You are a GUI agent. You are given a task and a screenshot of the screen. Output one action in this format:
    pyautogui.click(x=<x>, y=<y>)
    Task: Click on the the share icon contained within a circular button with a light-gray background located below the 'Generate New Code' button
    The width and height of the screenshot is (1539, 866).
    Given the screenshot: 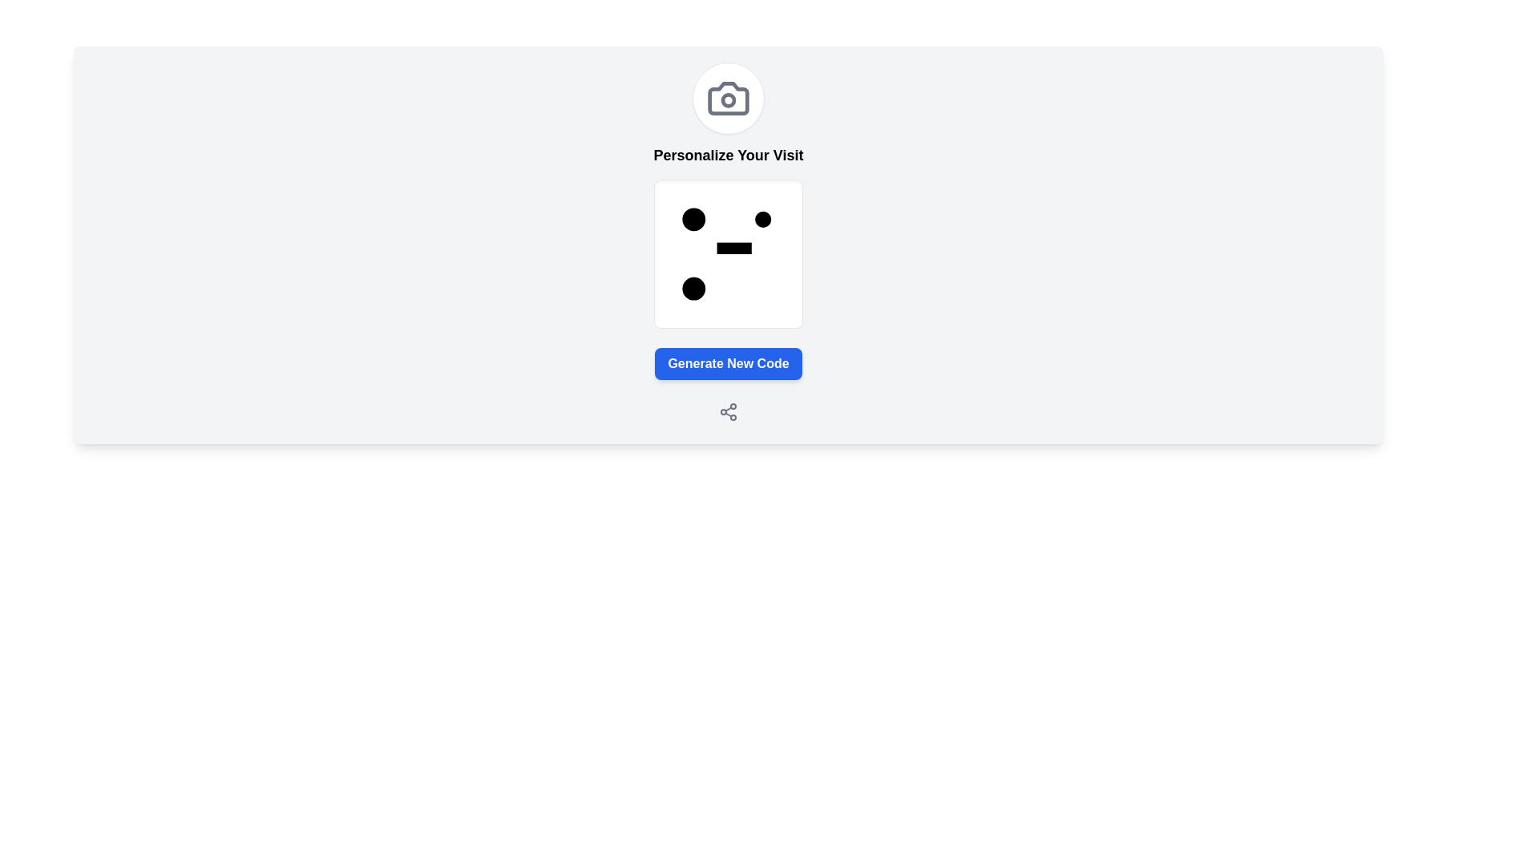 What is the action you would take?
    pyautogui.click(x=727, y=411)
    